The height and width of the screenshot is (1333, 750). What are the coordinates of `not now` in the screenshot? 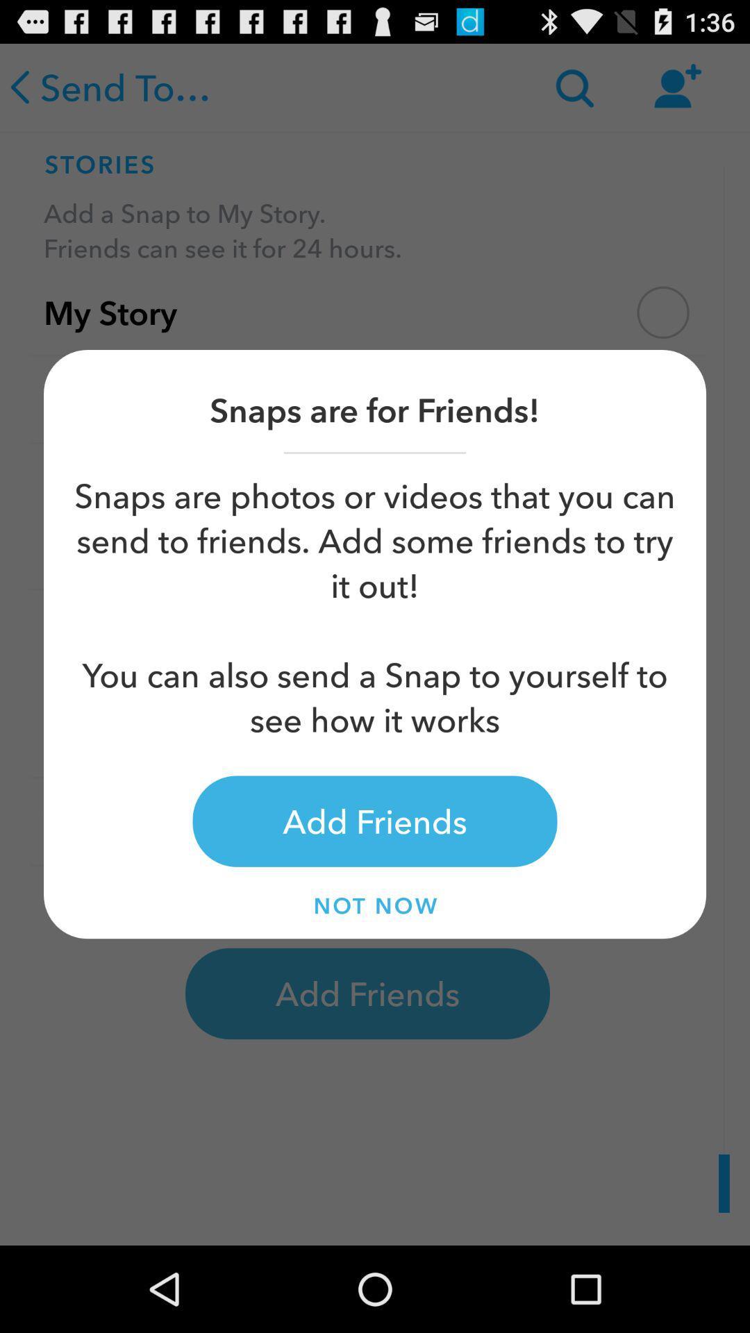 It's located at (375, 905).